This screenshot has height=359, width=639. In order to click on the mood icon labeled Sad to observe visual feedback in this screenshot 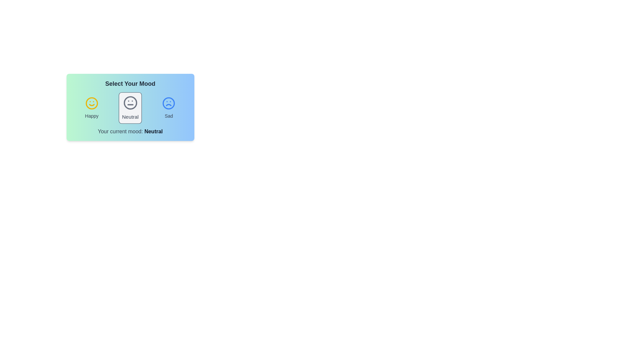, I will do `click(169, 107)`.